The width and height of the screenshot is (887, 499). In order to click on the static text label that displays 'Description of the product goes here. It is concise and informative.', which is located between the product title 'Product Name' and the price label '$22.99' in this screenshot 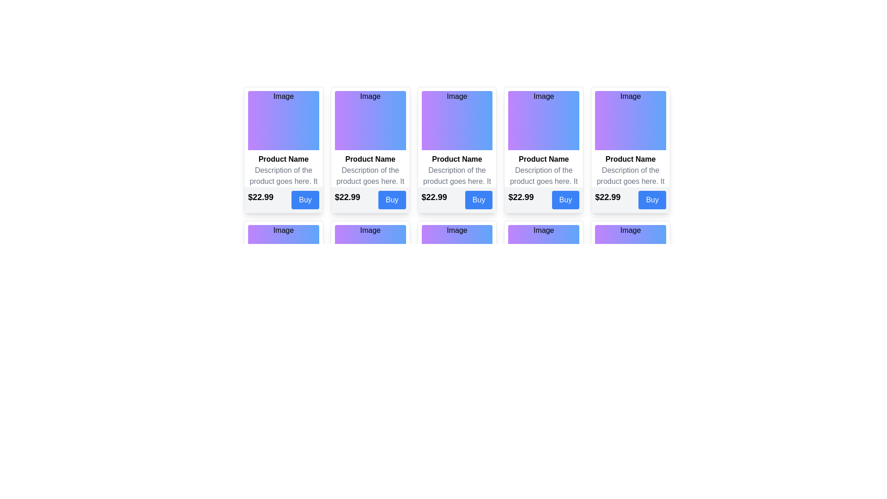, I will do `click(544, 187)`.